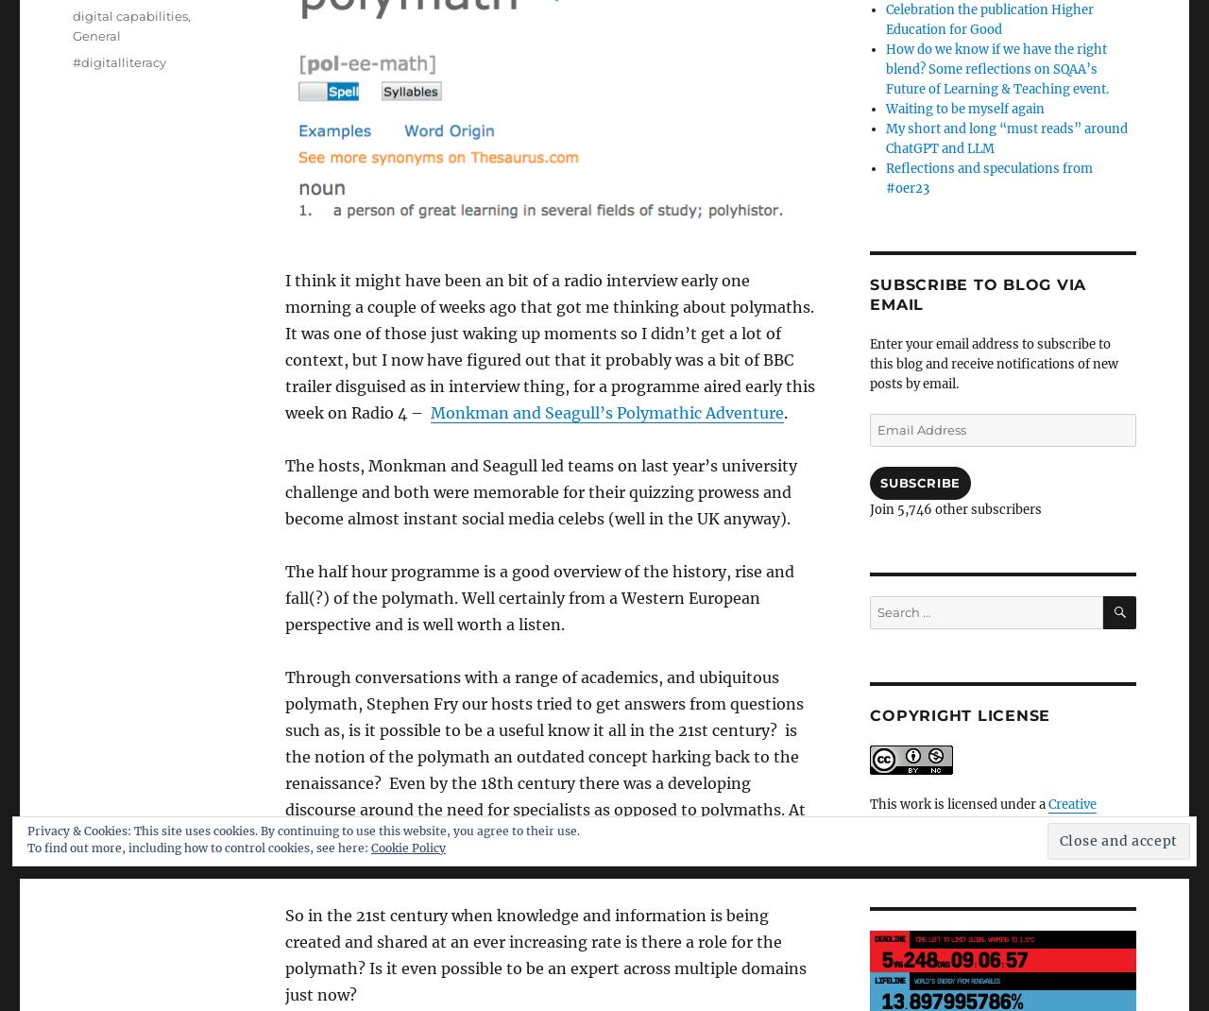  I want to click on '06', so click(988, 959).